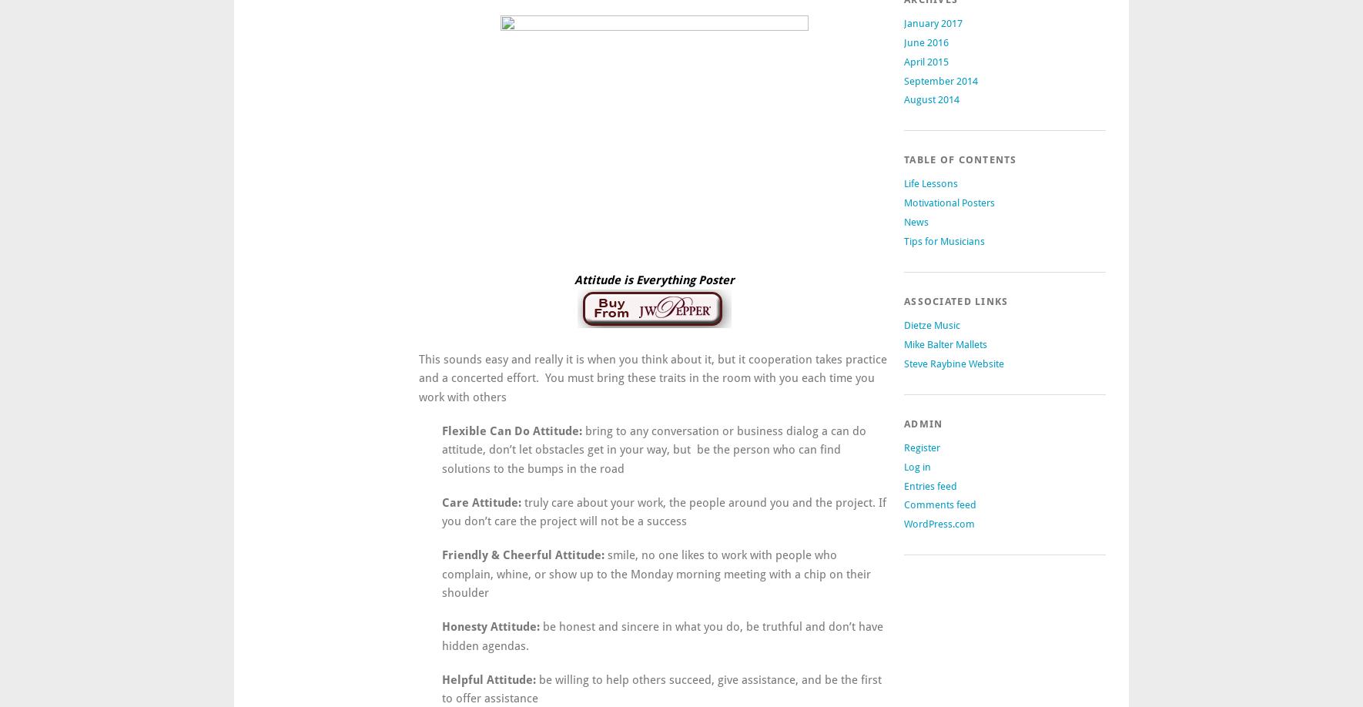  What do you see at coordinates (930, 183) in the screenshot?
I see `'Life Lessons'` at bounding box center [930, 183].